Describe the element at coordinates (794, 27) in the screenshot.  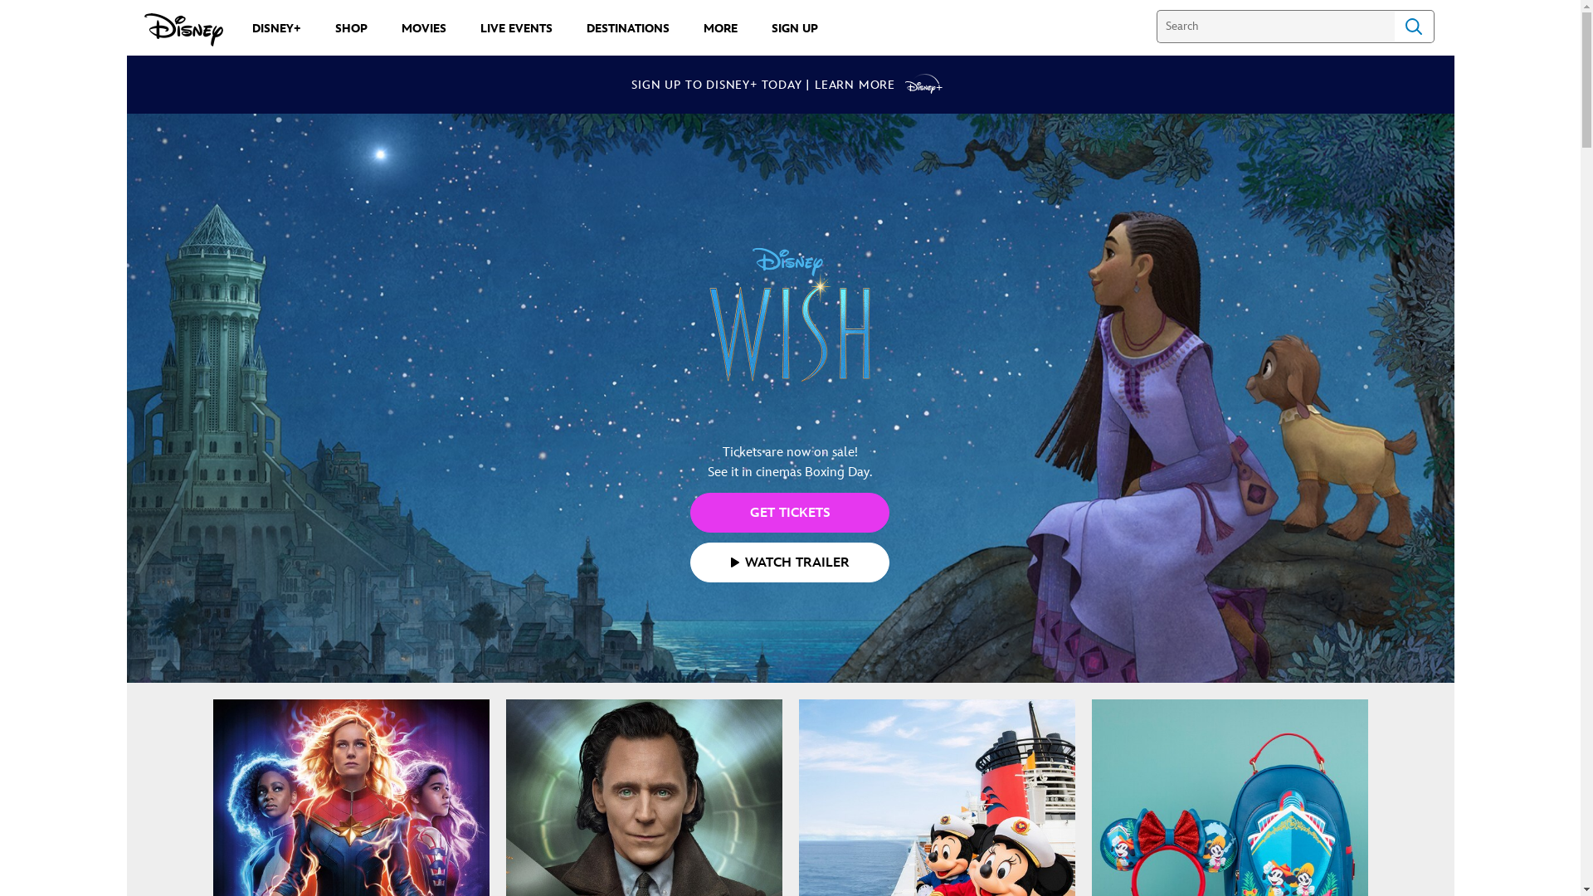
I see `'SIGN UP'` at that location.